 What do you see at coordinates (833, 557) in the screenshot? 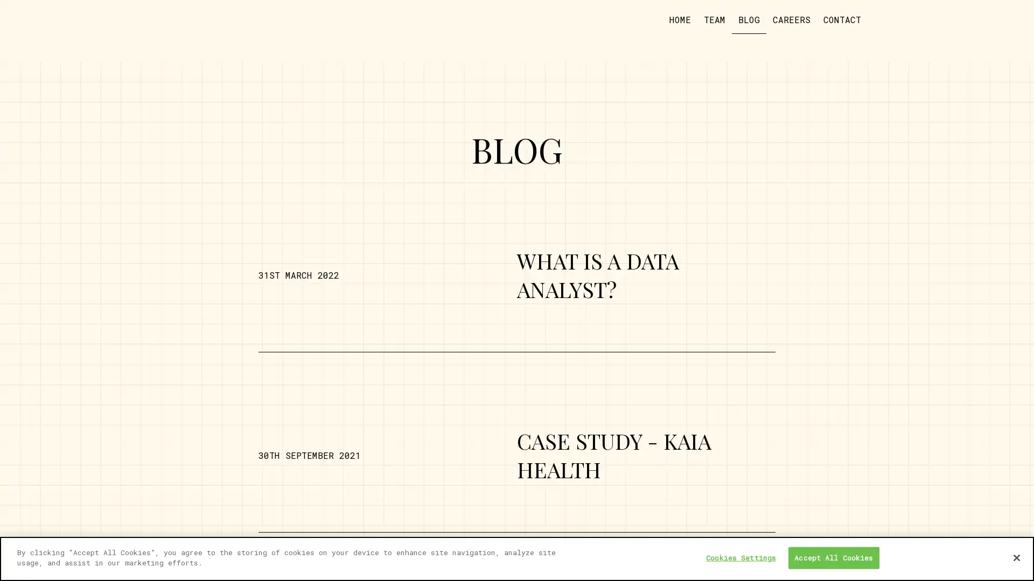
I see `Accept All Cookies` at bounding box center [833, 557].